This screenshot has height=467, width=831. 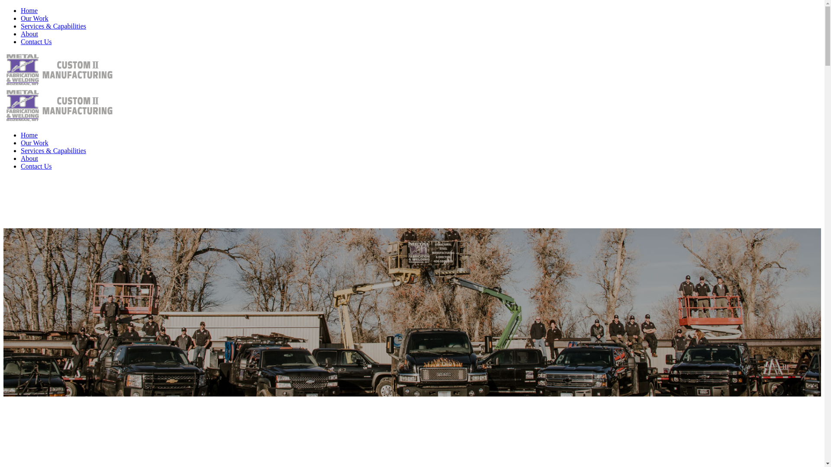 What do you see at coordinates (35, 166) in the screenshot?
I see `'Contact Us'` at bounding box center [35, 166].